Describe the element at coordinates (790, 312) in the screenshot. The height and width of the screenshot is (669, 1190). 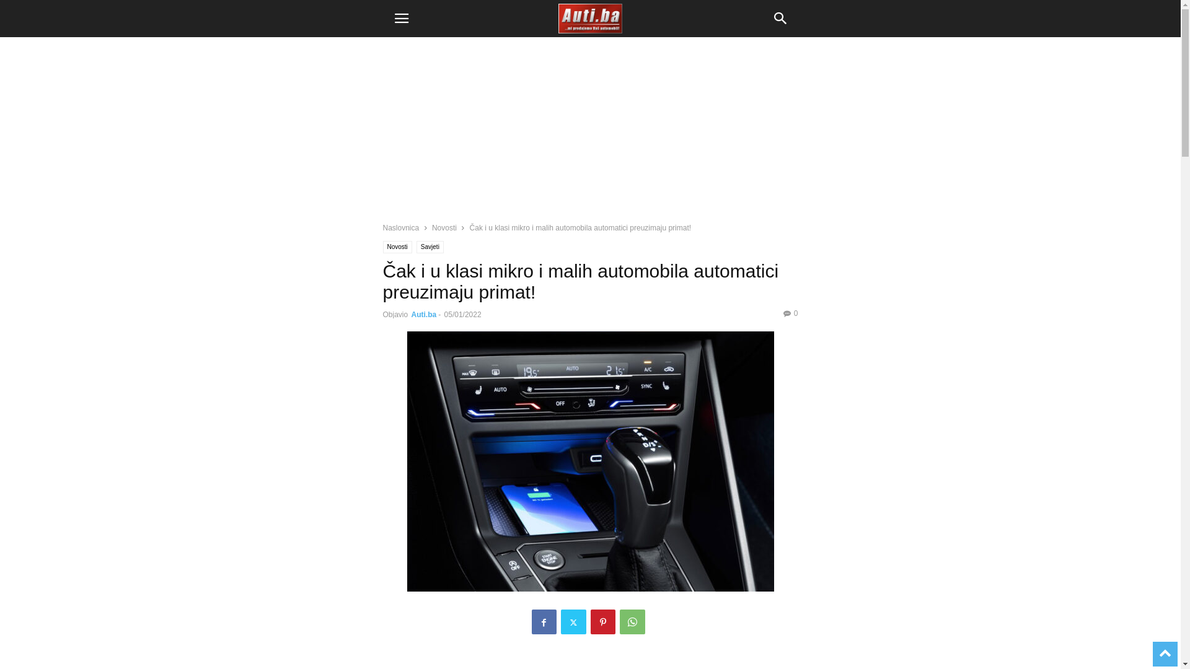
I see `'0'` at that location.